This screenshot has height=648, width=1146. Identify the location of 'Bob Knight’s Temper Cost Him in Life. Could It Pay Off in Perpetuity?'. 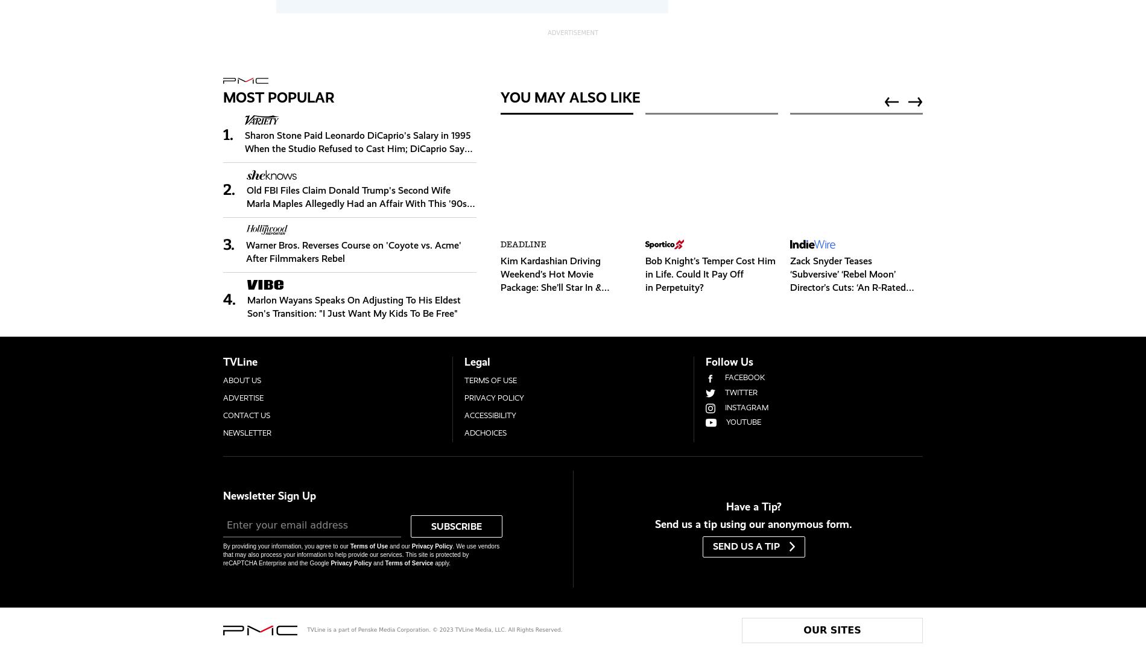
(710, 273).